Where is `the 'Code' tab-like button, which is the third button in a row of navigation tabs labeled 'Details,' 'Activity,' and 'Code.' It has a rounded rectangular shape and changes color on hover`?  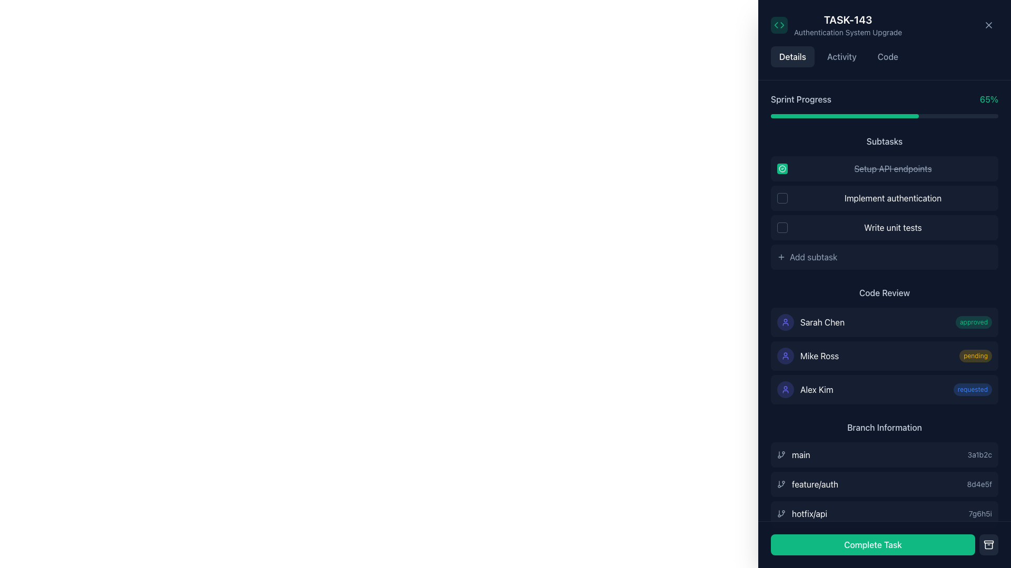 the 'Code' tab-like button, which is the third button in a row of navigation tabs labeled 'Details,' 'Activity,' and 'Code.' It has a rounded rectangular shape and changes color on hover is located at coordinates (887, 57).